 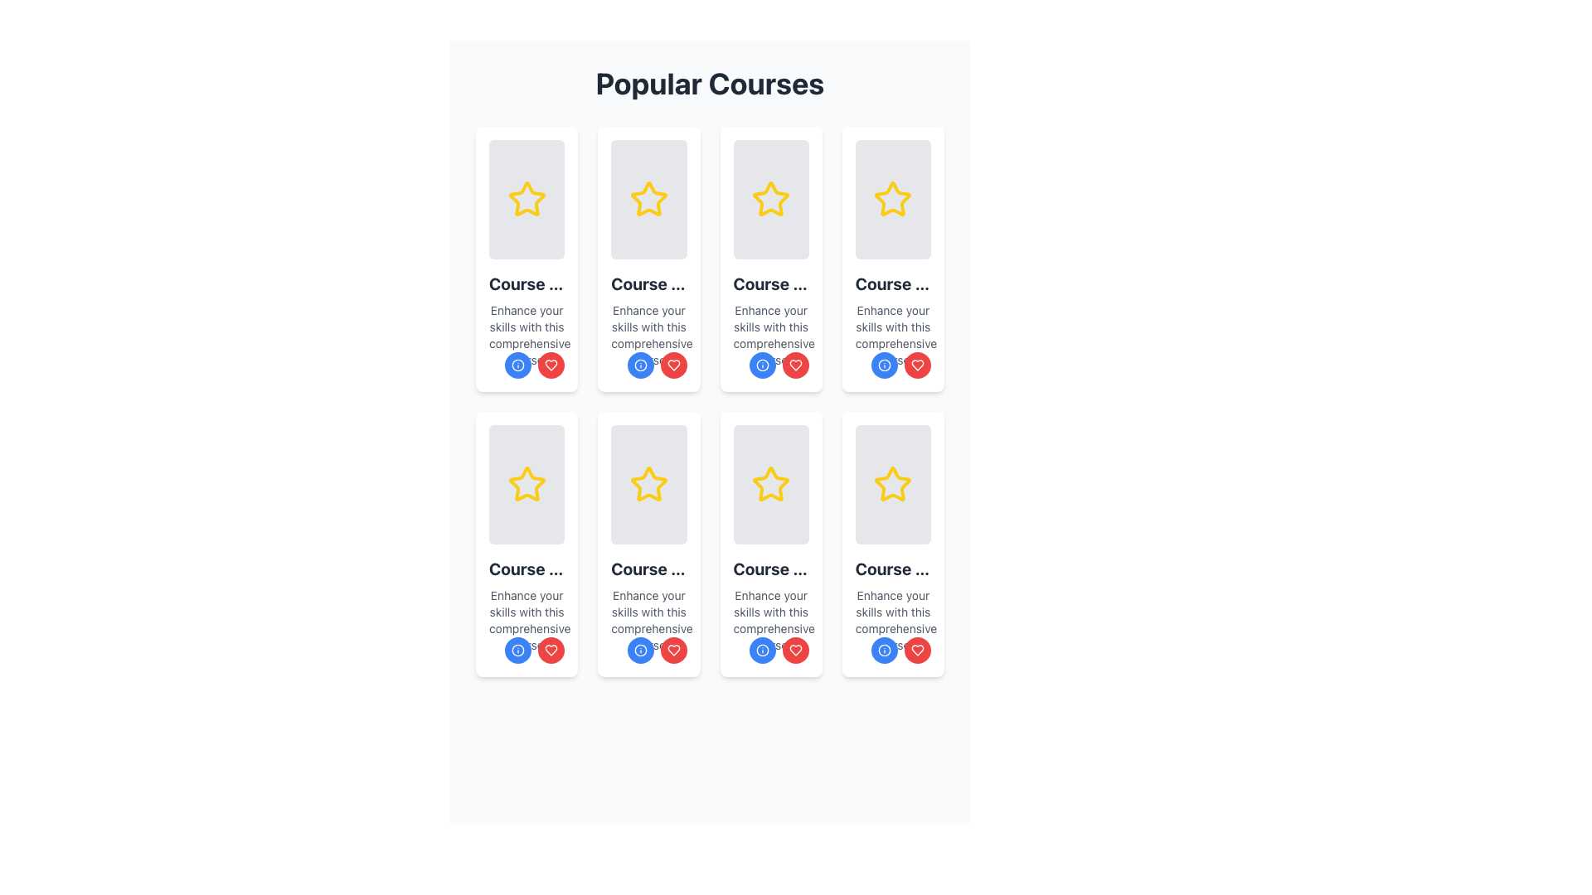 What do you see at coordinates (551, 650) in the screenshot?
I see `the heart icon button located at the bottom-right corner of the card in the second row, second column of the grid layout` at bounding box center [551, 650].